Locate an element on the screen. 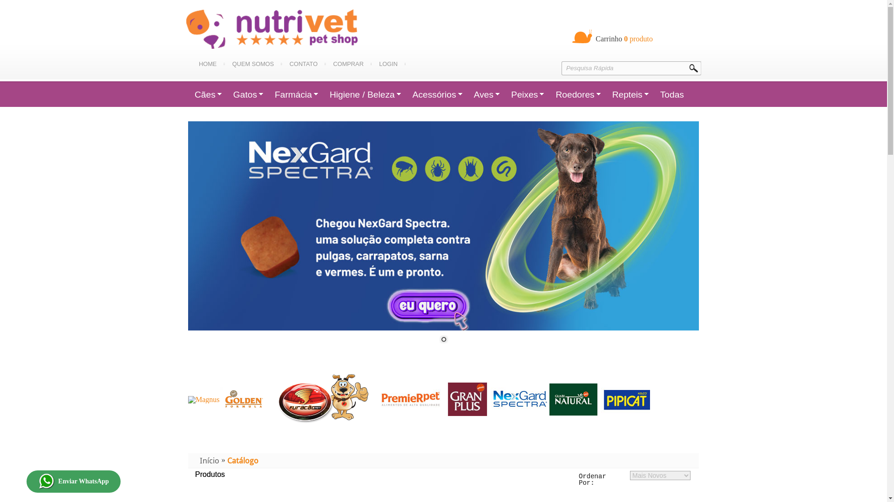 The height and width of the screenshot is (502, 894). 'QUEM SOMOS' is located at coordinates (257, 63).